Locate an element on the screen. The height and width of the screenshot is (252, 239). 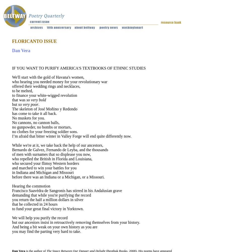
'Artist Residencies' is located at coordinates (176, 109).